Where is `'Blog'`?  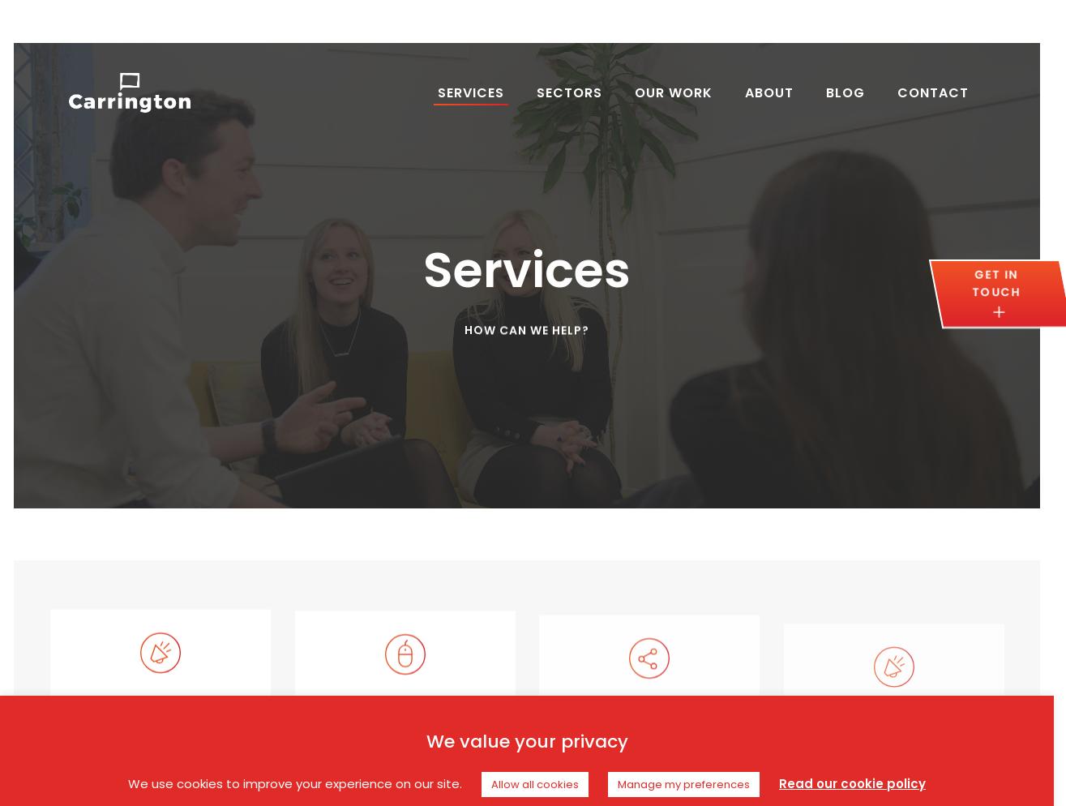 'Blog' is located at coordinates (845, 92).